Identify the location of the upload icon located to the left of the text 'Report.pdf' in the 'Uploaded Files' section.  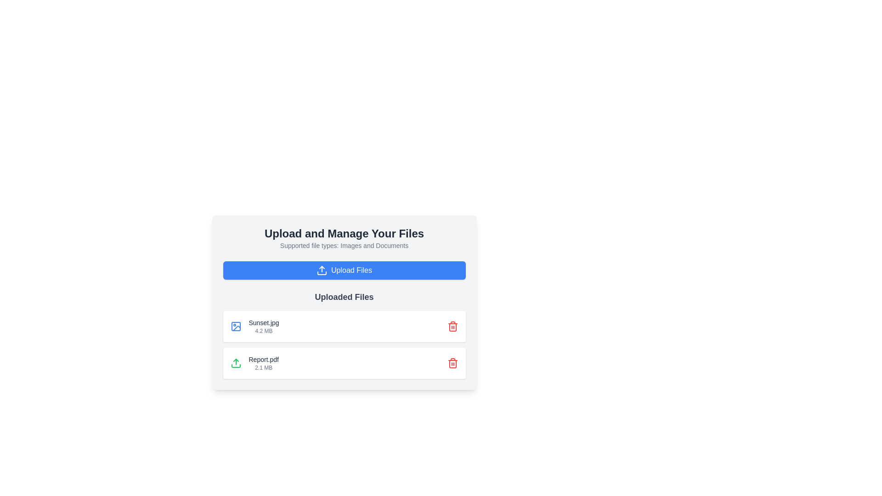
(236, 362).